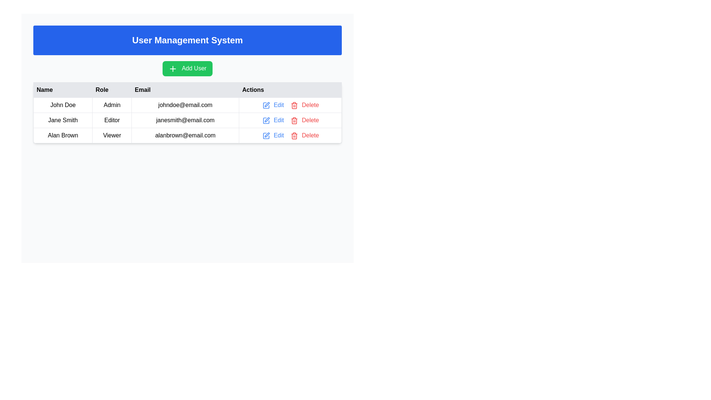 This screenshot has width=711, height=400. What do you see at coordinates (294, 136) in the screenshot?
I see `the red trash can icon representing the delete action for the user 'Alan Brown' in the 'Actions' column of the table` at bounding box center [294, 136].